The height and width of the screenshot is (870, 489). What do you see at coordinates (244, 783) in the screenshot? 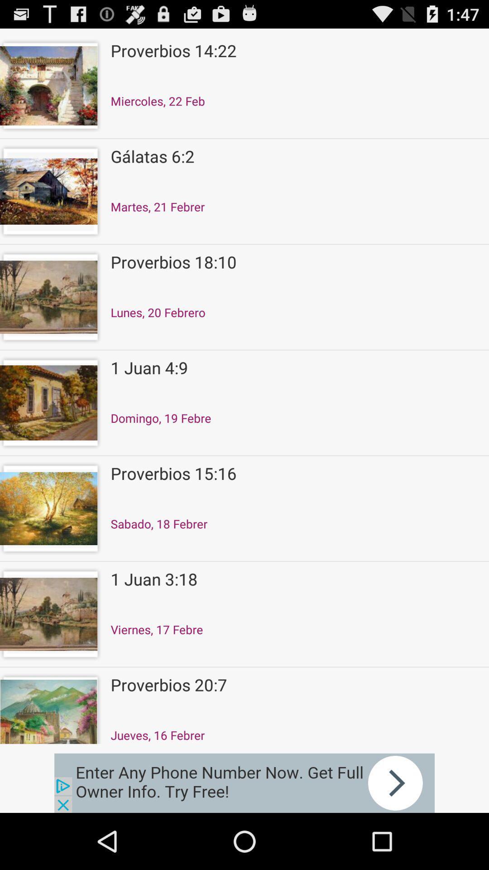
I see `advertisement link` at bounding box center [244, 783].